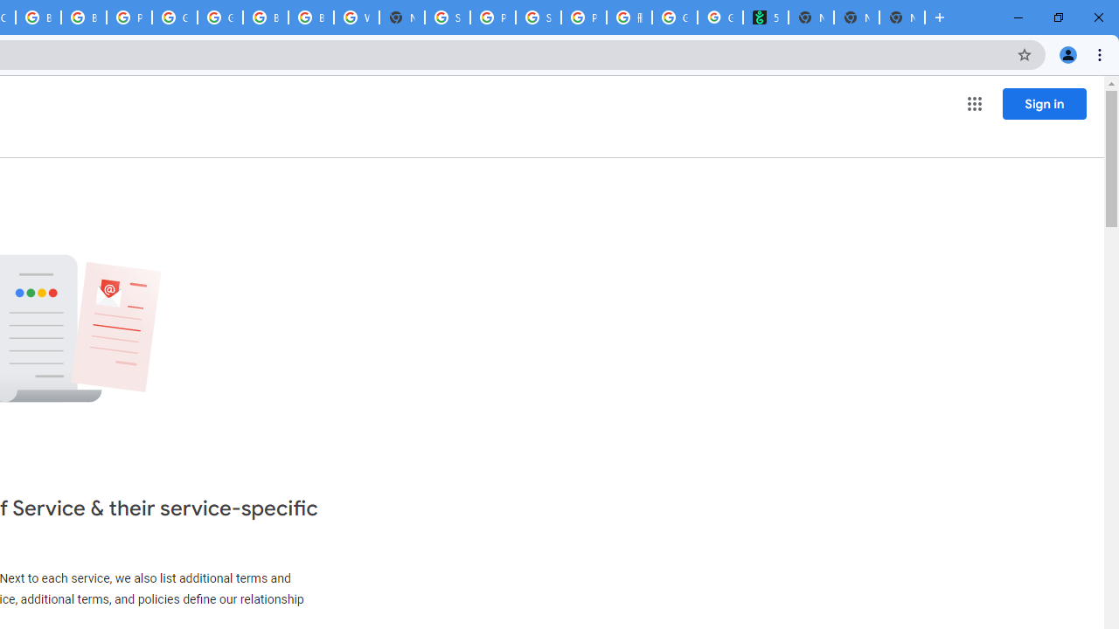 This screenshot has height=629, width=1119. I want to click on 'Restore', so click(1057, 17).